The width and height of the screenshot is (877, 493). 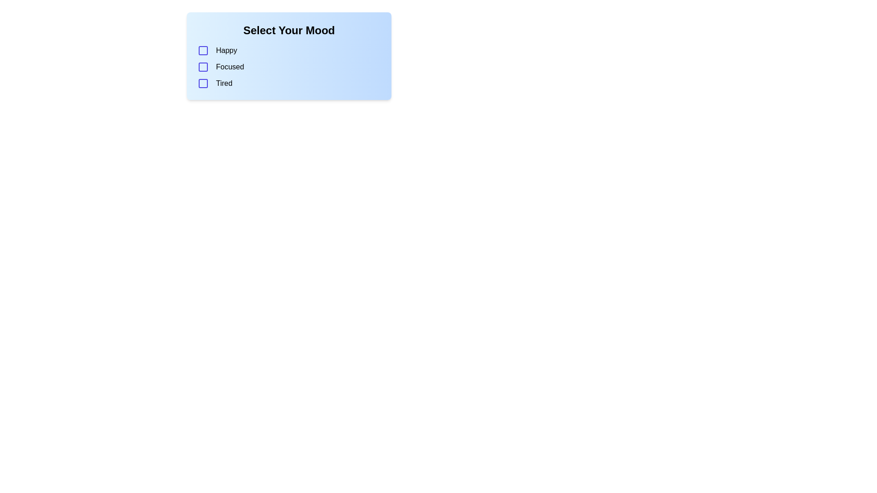 I want to click on the checkbox labeled 'Focused' which is the second option in the 'Select Your Mood' list, positioned between 'Happy' and 'Tired', so click(x=289, y=66).